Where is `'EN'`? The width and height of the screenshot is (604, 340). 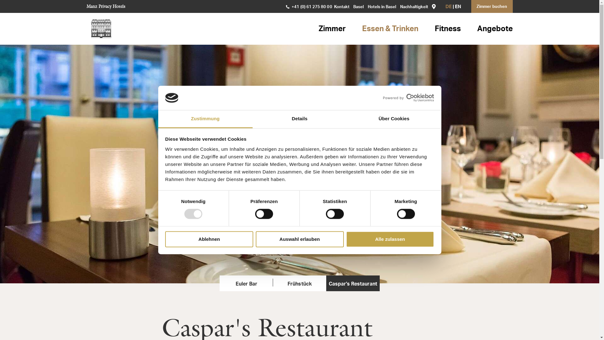
'EN' is located at coordinates (458, 7).